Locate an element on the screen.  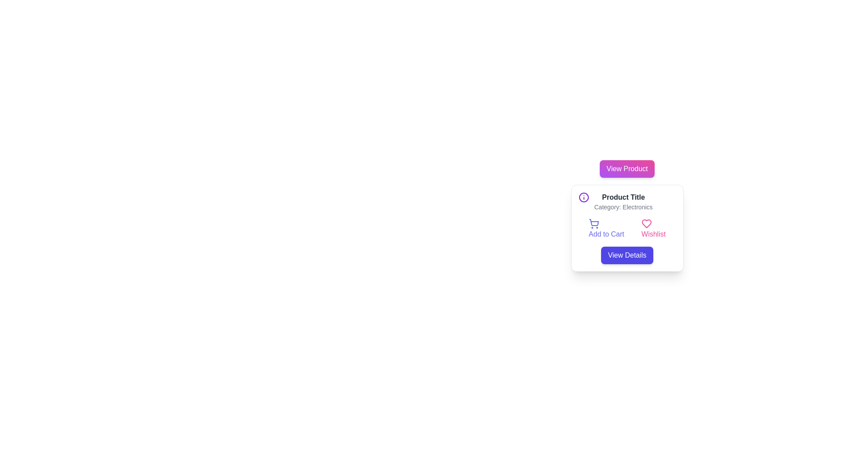
product title displayed in bold, dark font within the card interface, located below the purple circular icon is located at coordinates (623, 201).